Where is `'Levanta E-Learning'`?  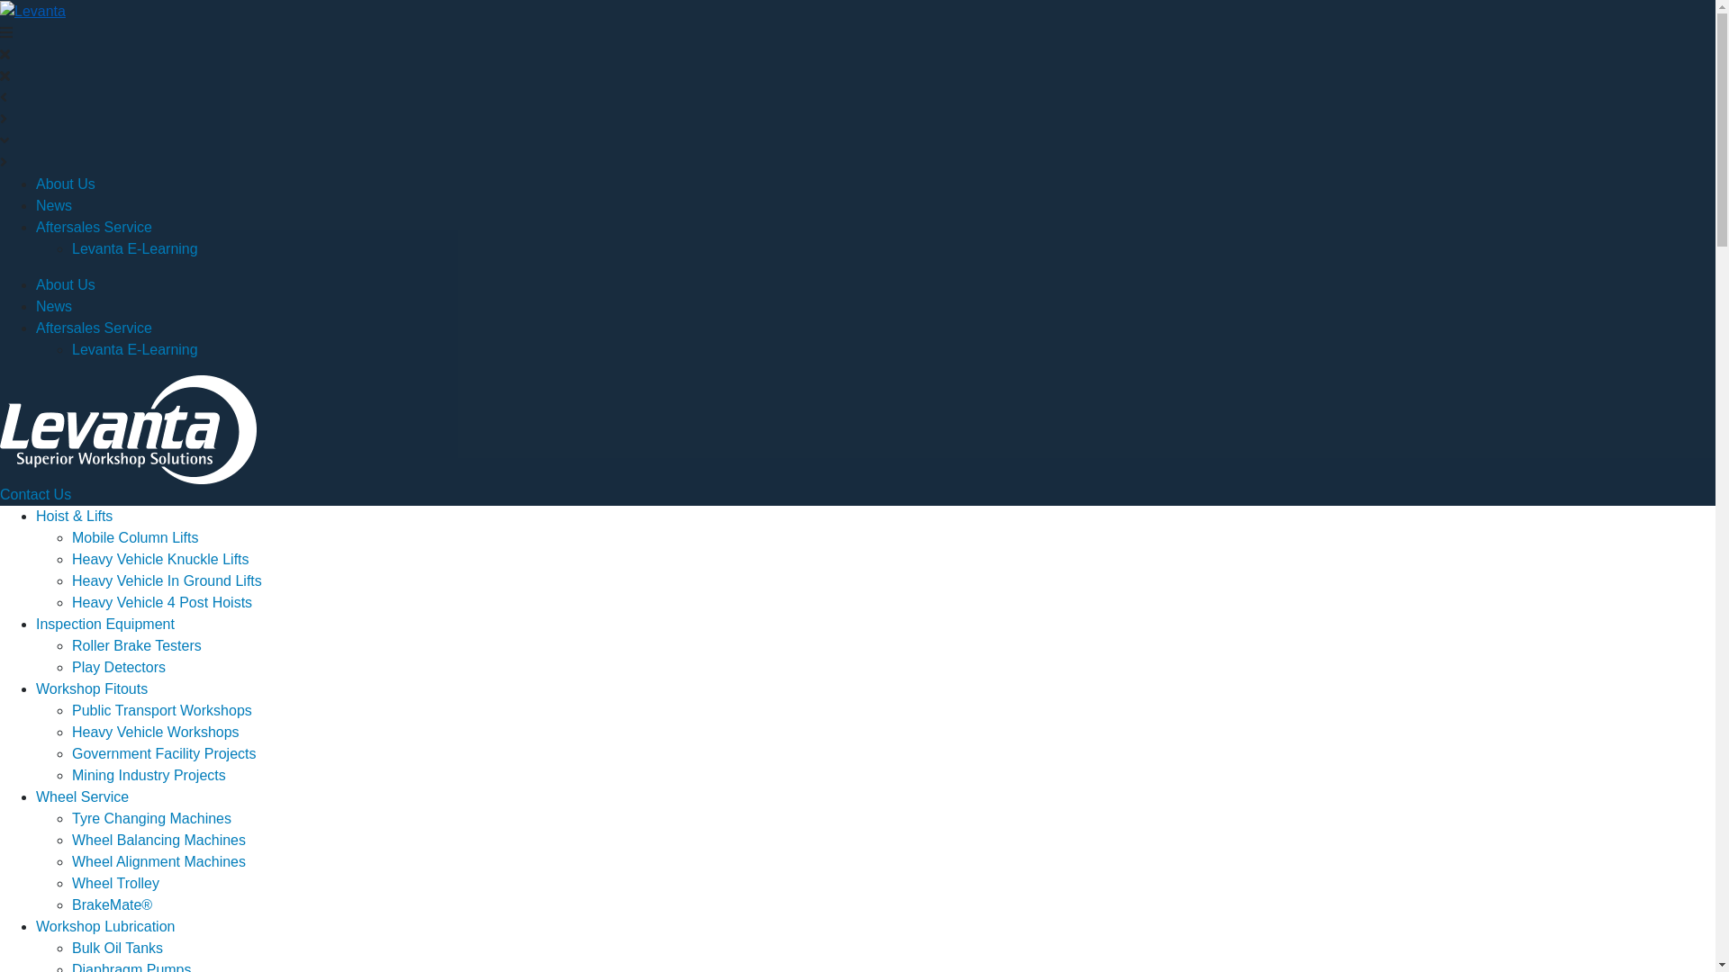
'Levanta E-Learning' is located at coordinates (72, 349).